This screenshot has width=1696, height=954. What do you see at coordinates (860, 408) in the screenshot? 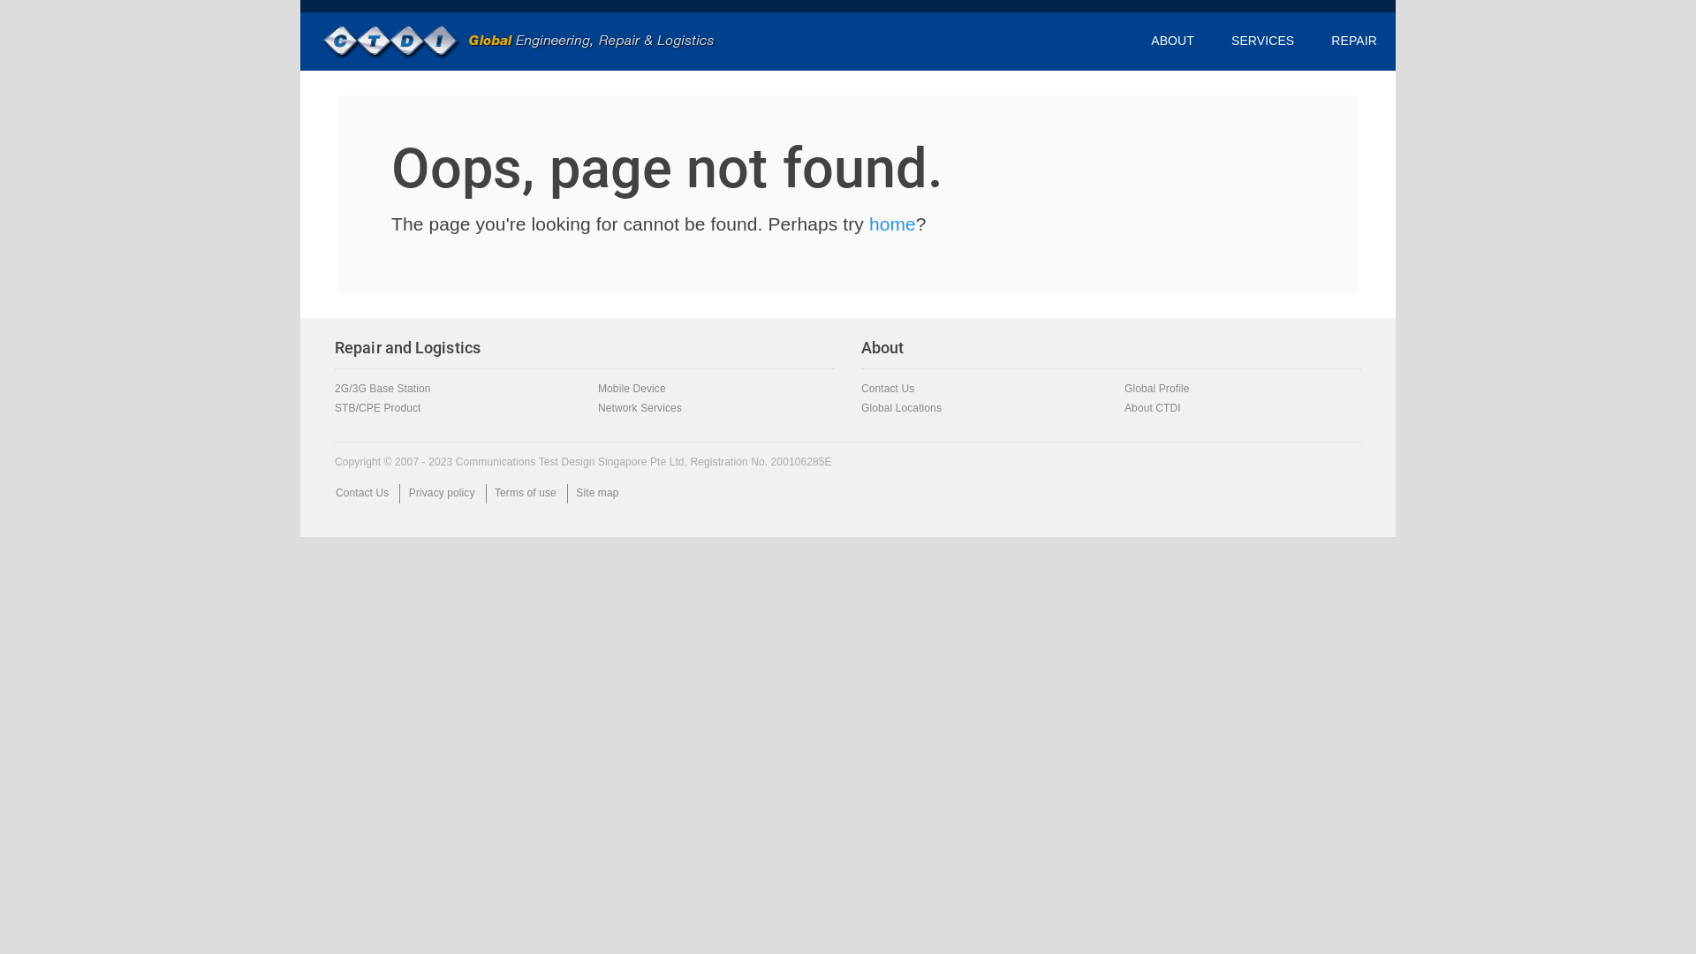
I see `'Global Locations'` at bounding box center [860, 408].